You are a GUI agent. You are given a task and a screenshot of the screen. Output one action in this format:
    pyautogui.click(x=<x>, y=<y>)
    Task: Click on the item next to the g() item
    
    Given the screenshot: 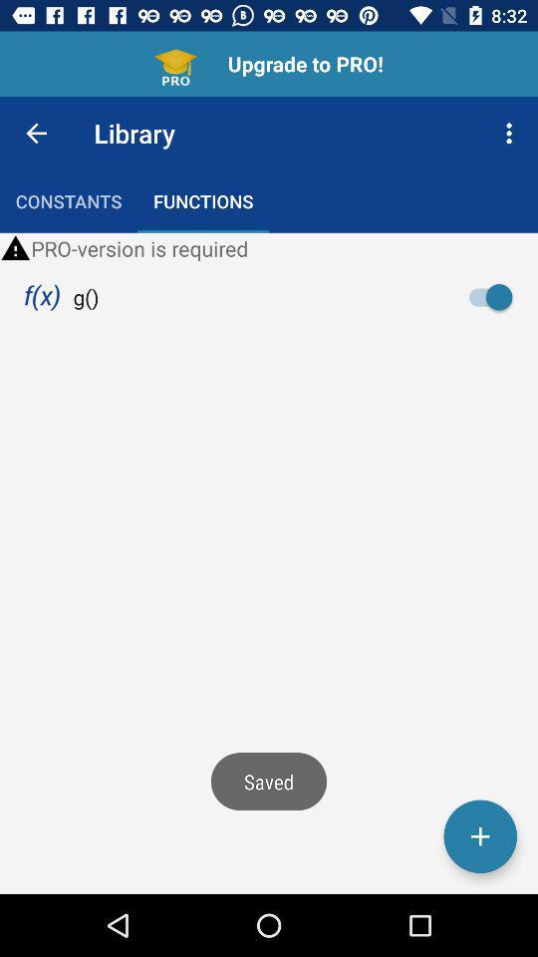 What is the action you would take?
    pyautogui.click(x=495, y=296)
    